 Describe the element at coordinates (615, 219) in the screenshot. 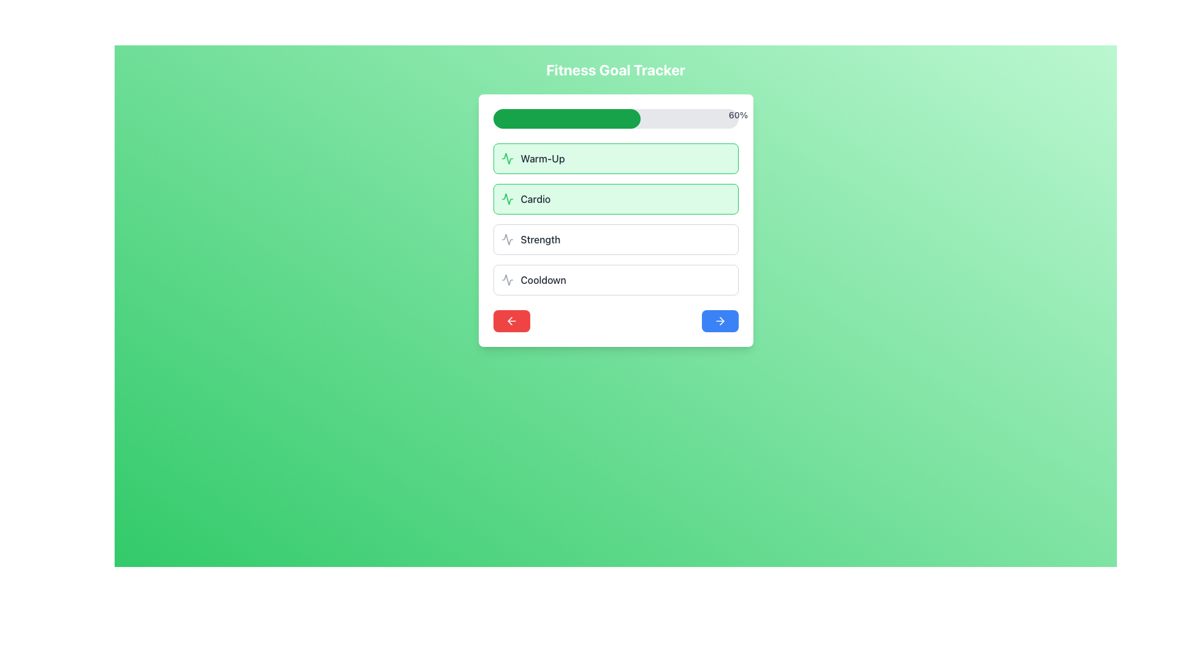

I see `the 'Cardio' button in the fitness progress tracker` at that location.